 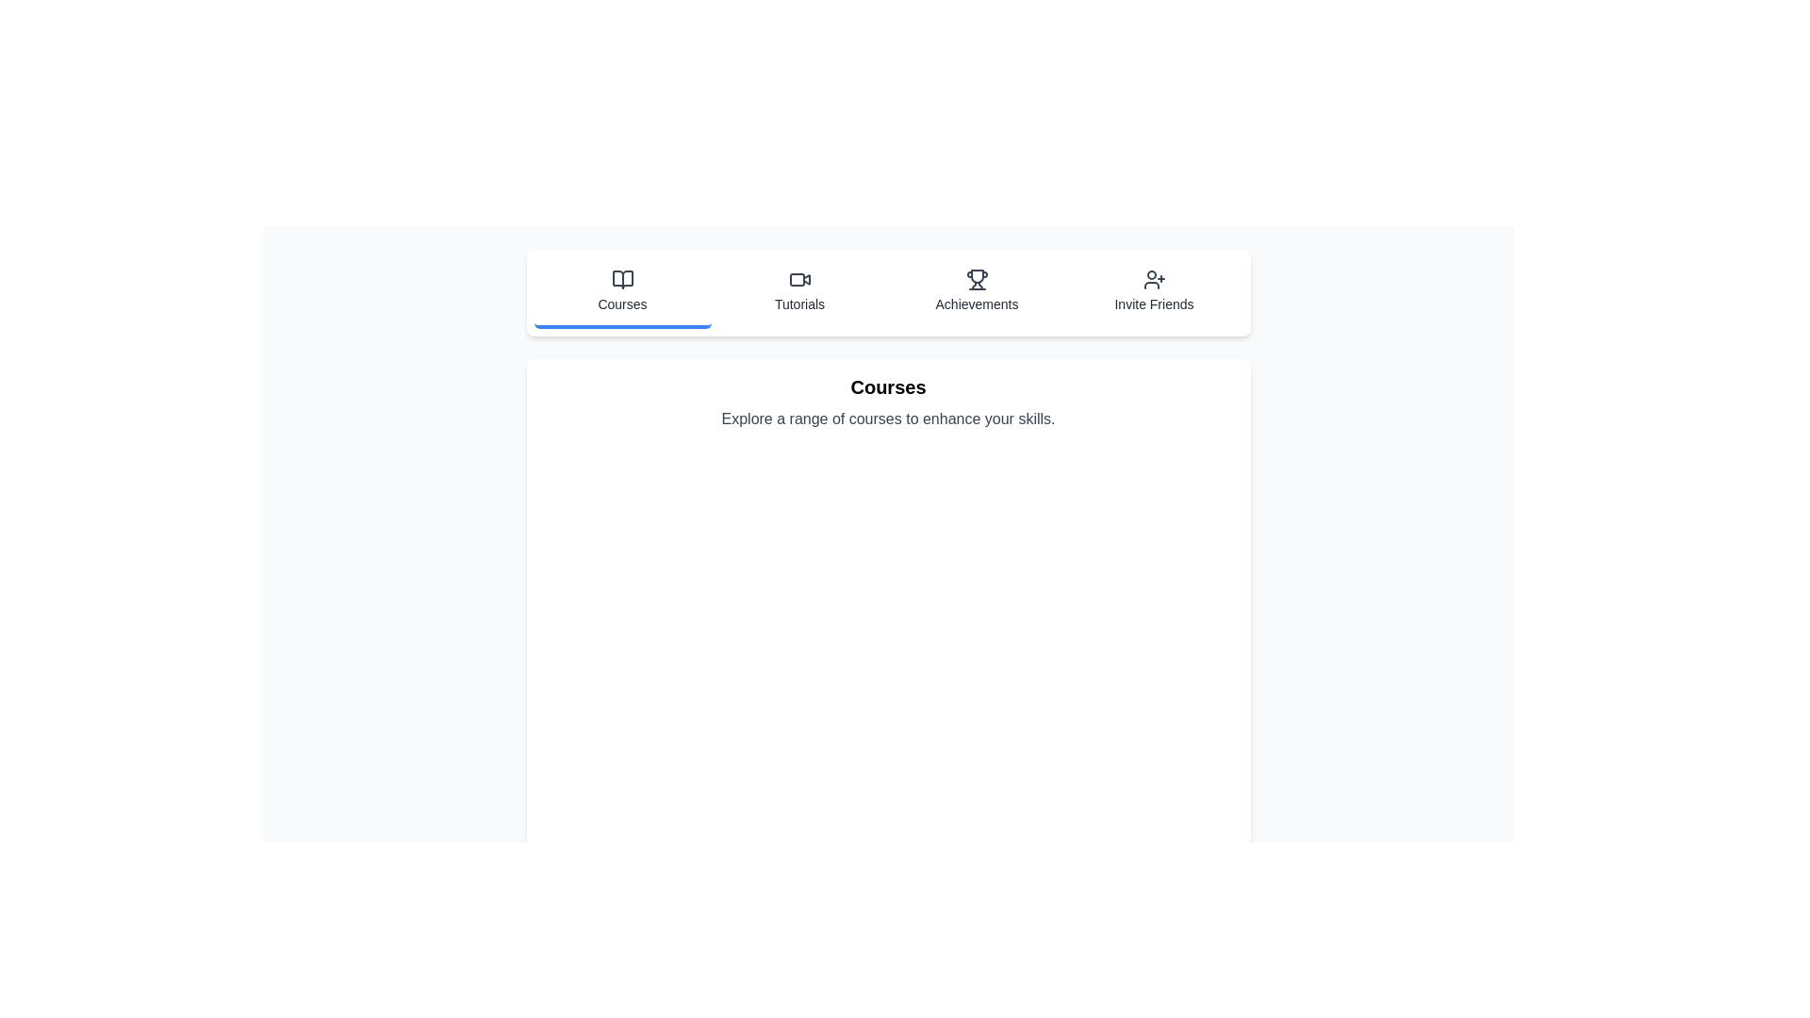 I want to click on the trophy icon representing the 'Achievements' menu option, so click(x=977, y=280).